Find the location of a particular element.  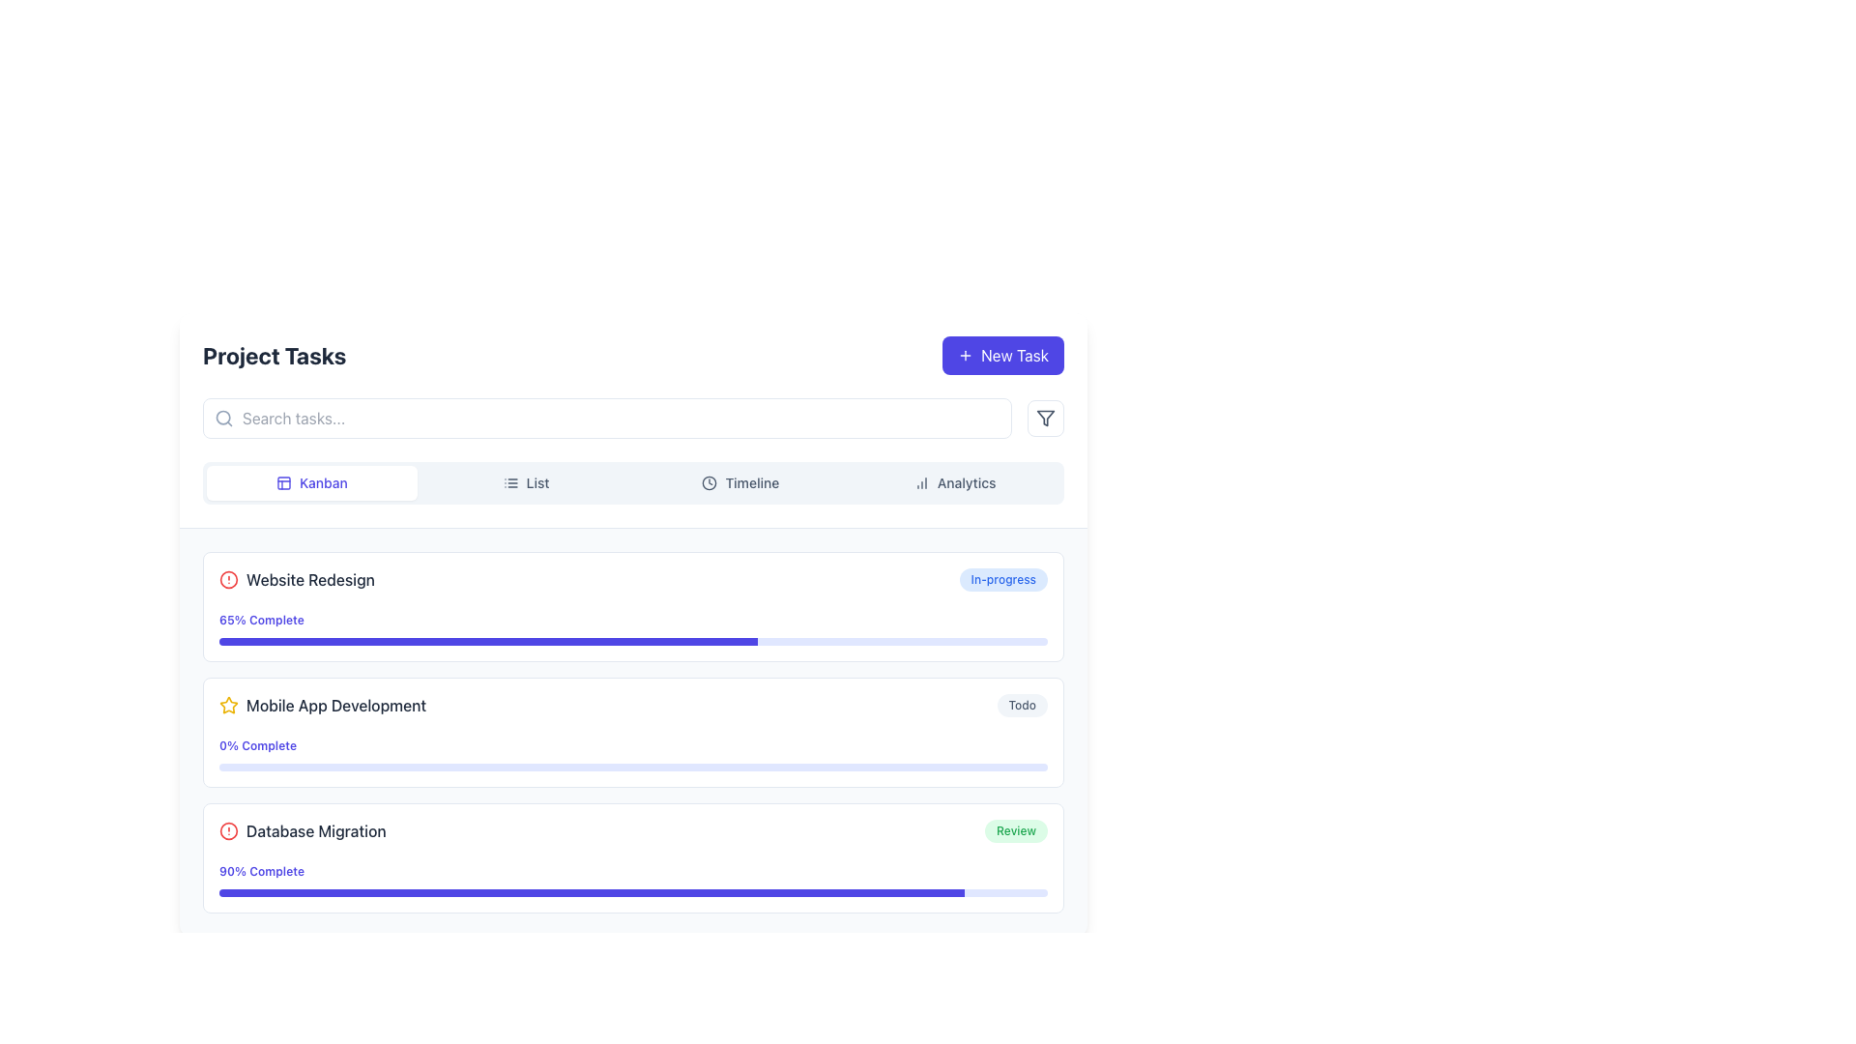

the text label displaying the completion percentage of the 'Database Migration' task to potentially see additional details if interactive is located at coordinates (261, 868).